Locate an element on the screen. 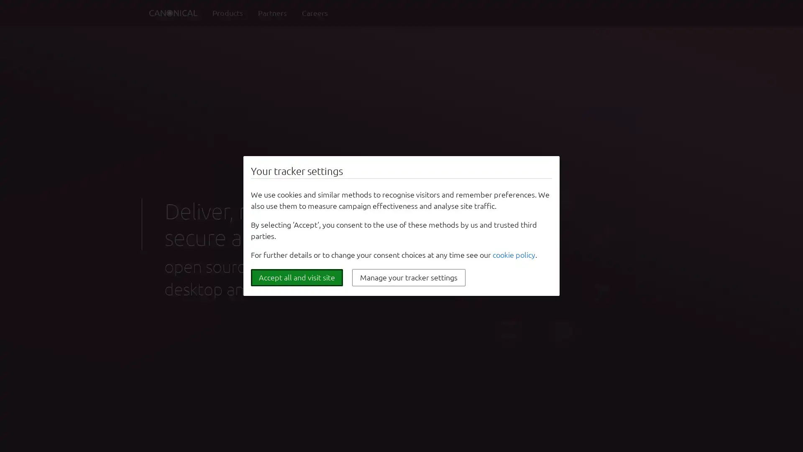 This screenshot has width=803, height=452. Manage your tracker settings is located at coordinates (409, 277).